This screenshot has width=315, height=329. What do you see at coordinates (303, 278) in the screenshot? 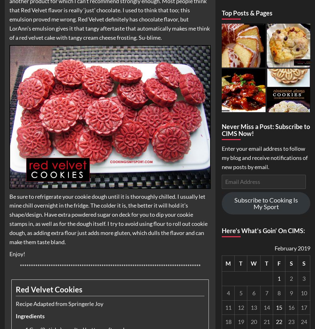
I see `'3'` at bounding box center [303, 278].